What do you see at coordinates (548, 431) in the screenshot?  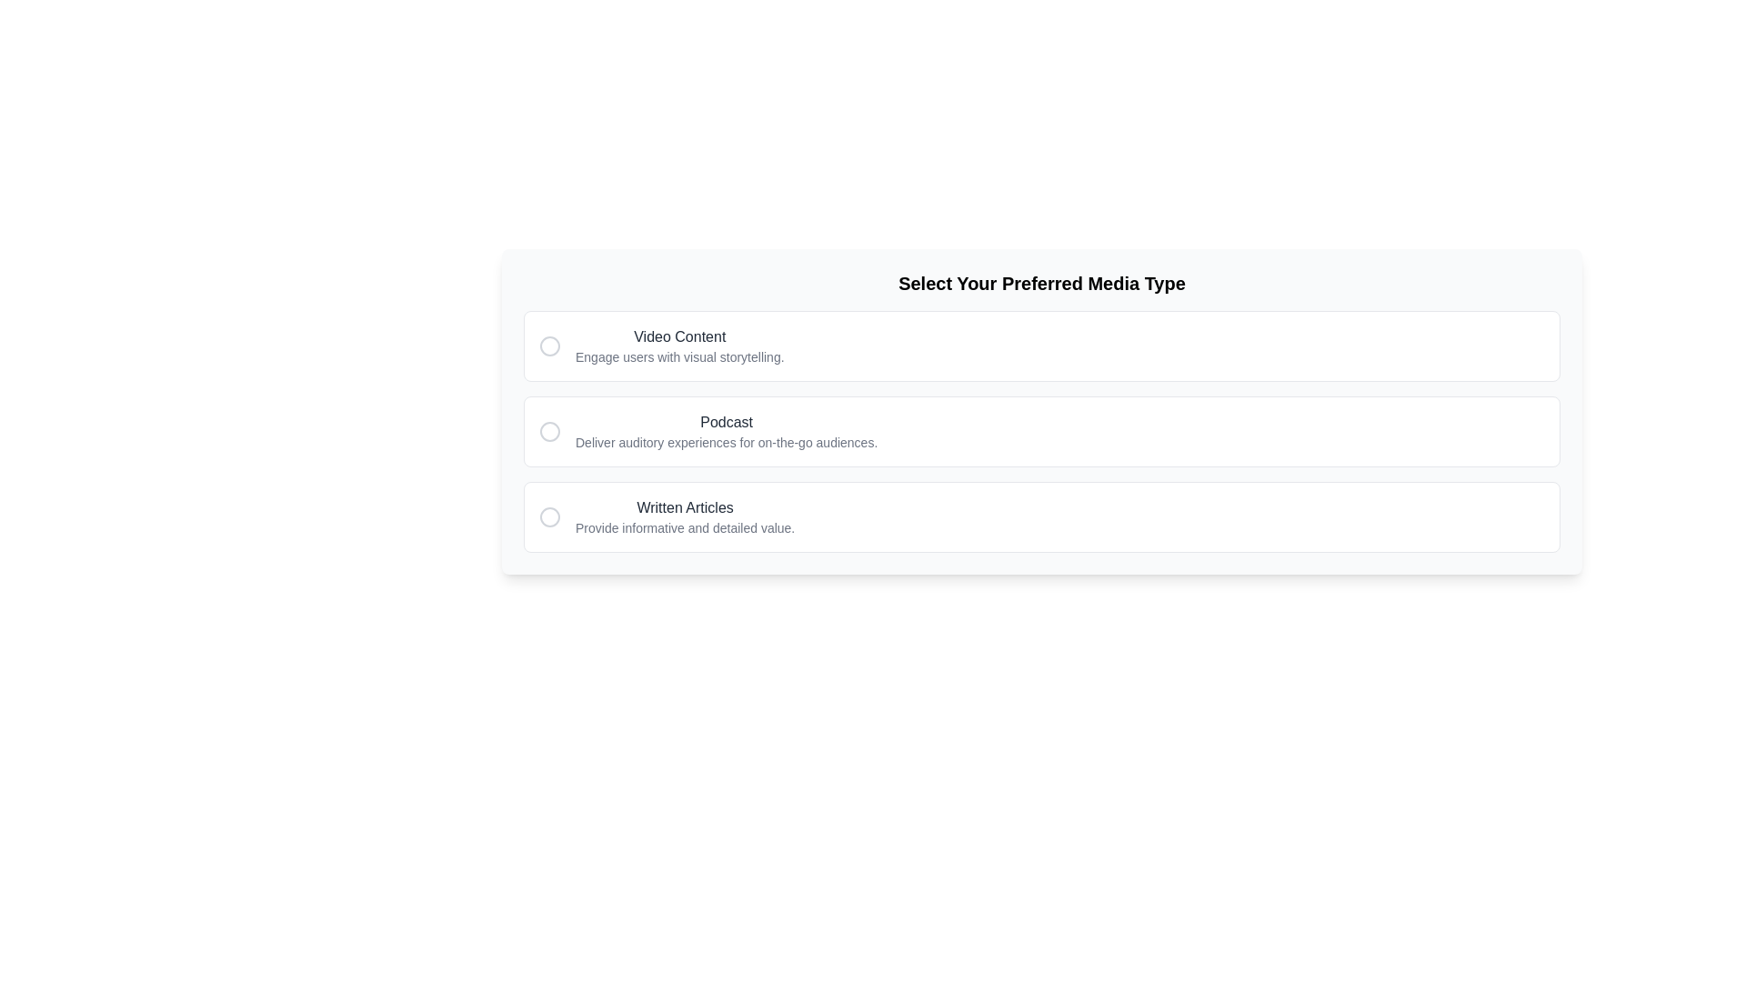 I see `the circular radio button for the 'Podcast' option, which is the second item in the media preferences list` at bounding box center [548, 431].